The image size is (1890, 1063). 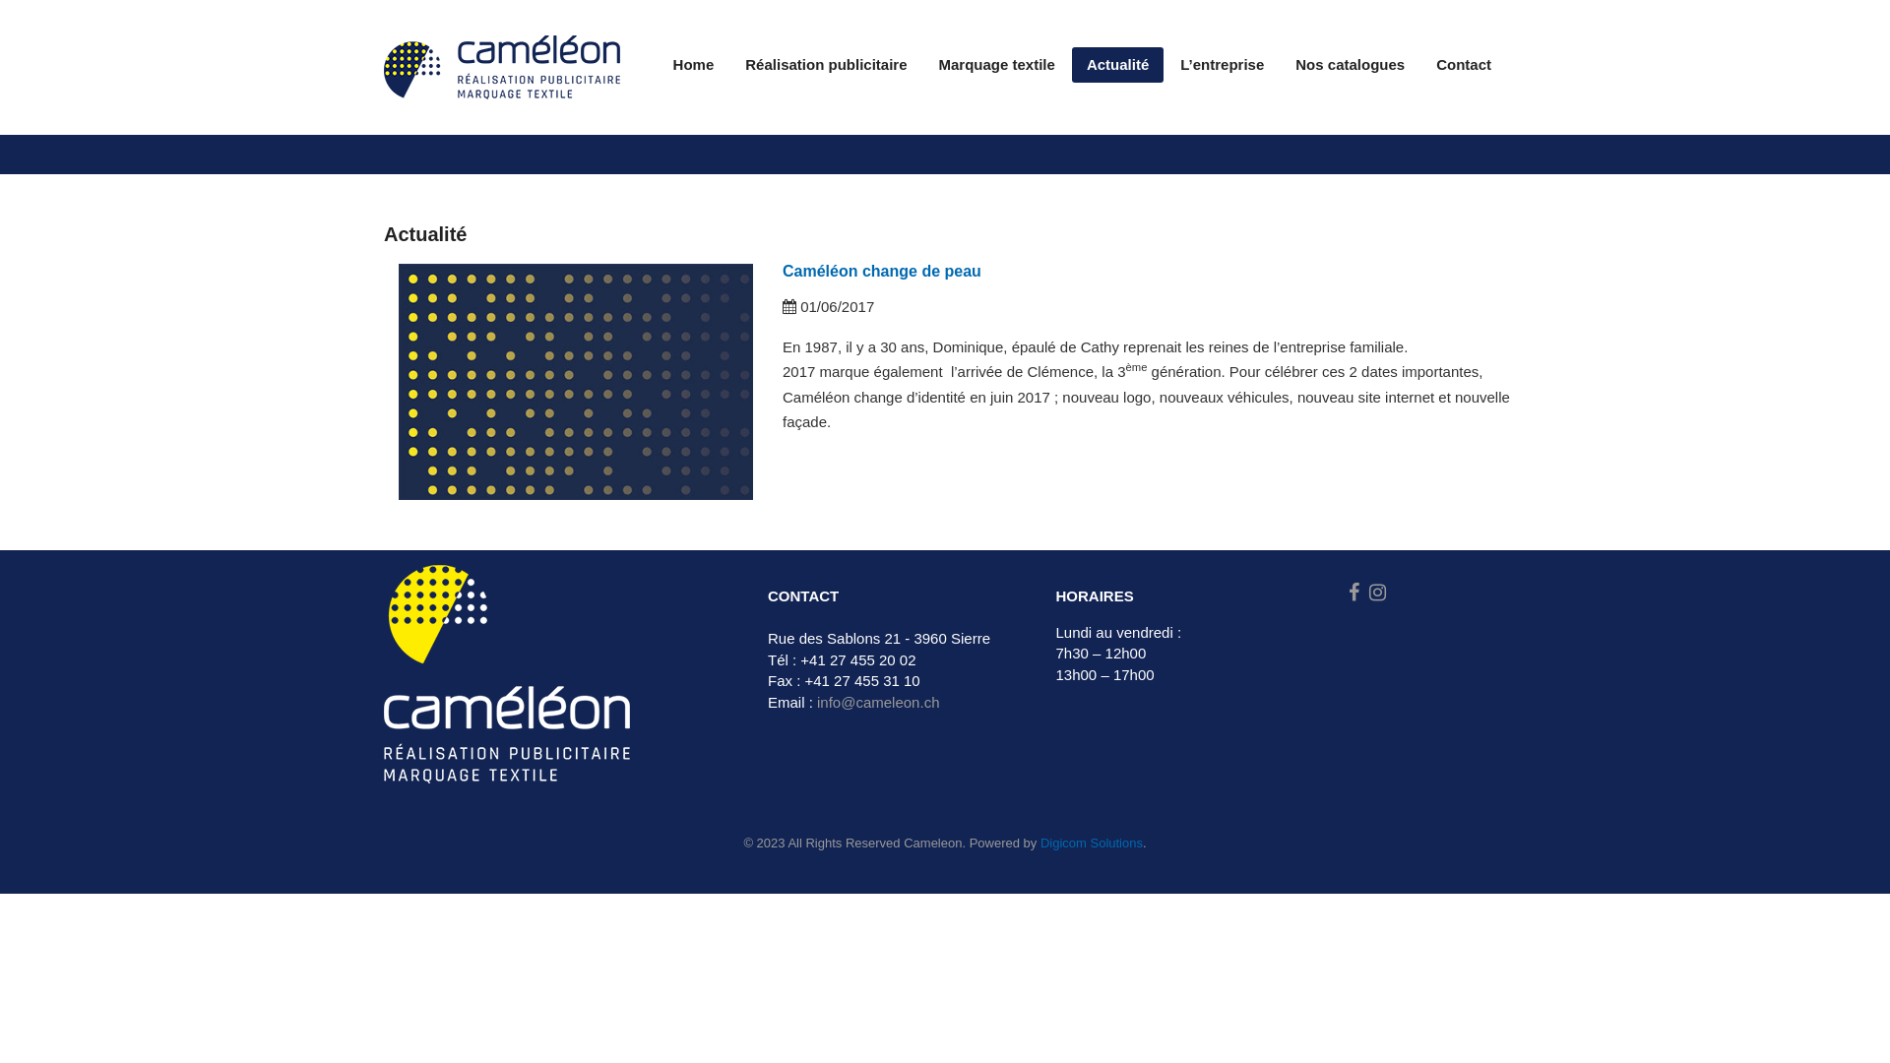 I want to click on 'Marquage textile', so click(x=996, y=63).